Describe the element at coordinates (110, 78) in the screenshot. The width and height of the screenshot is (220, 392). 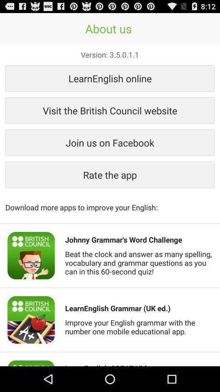
I see `icon above visit the british` at that location.